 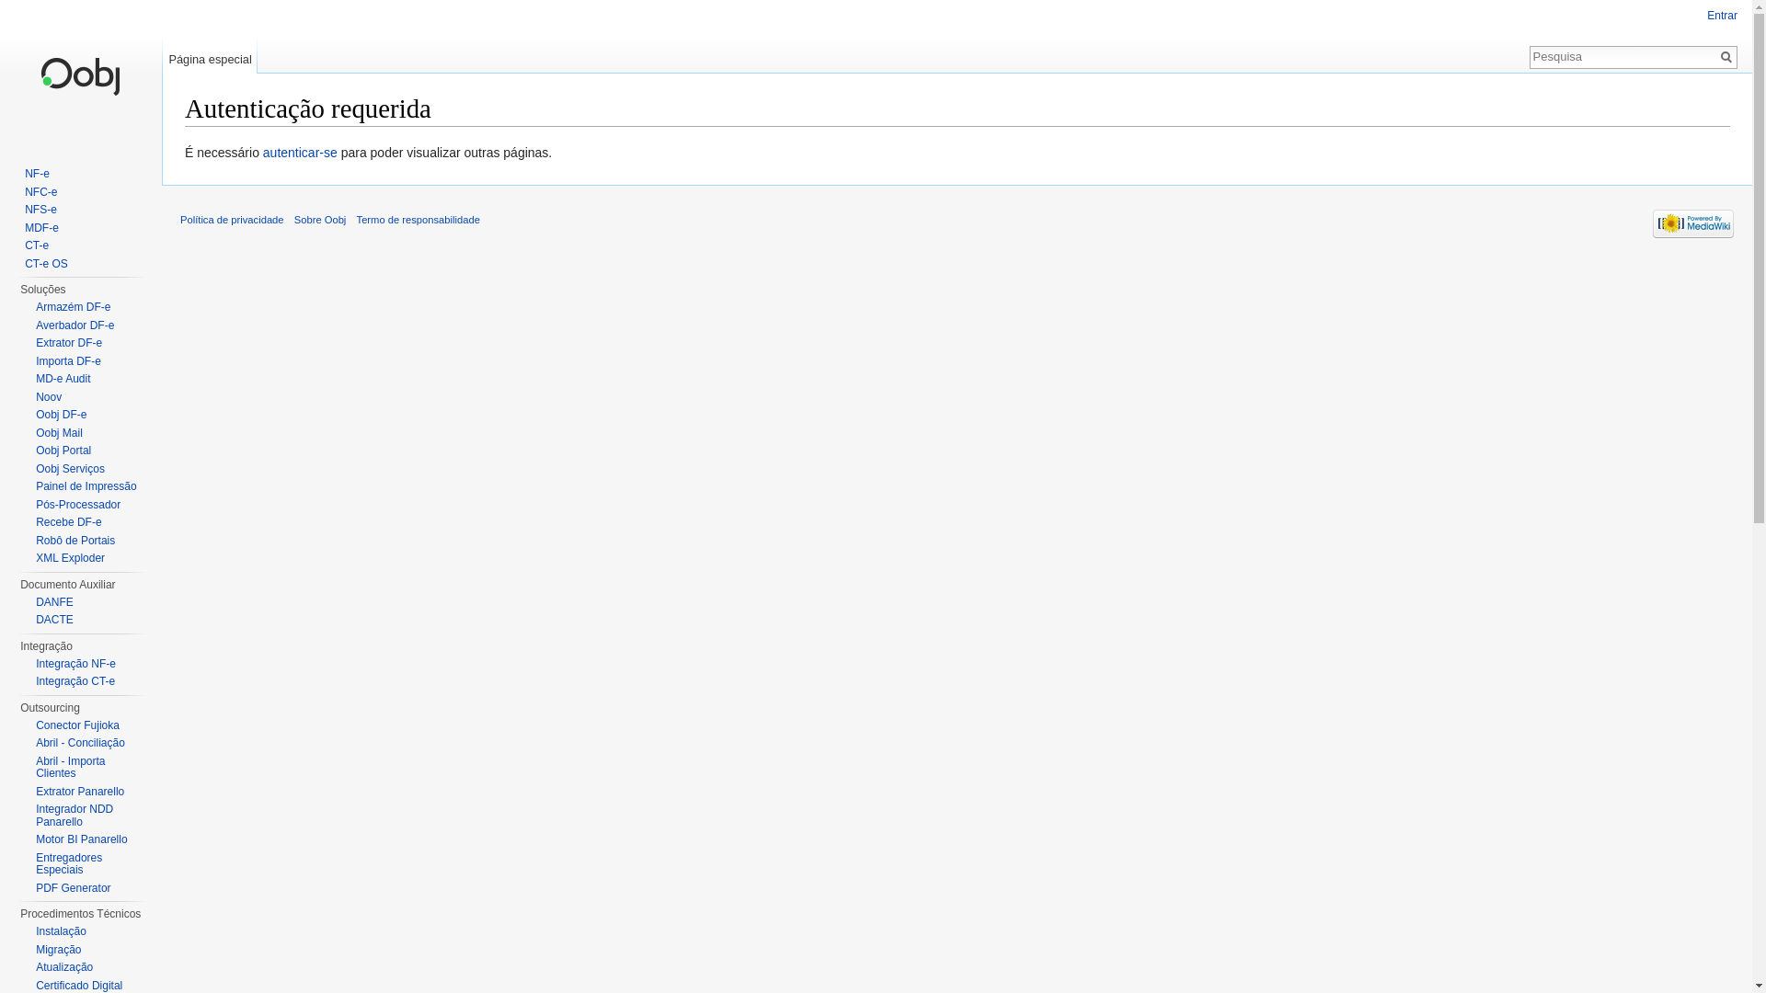 What do you see at coordinates (294, 219) in the screenshot?
I see `'Sobre Oobj'` at bounding box center [294, 219].